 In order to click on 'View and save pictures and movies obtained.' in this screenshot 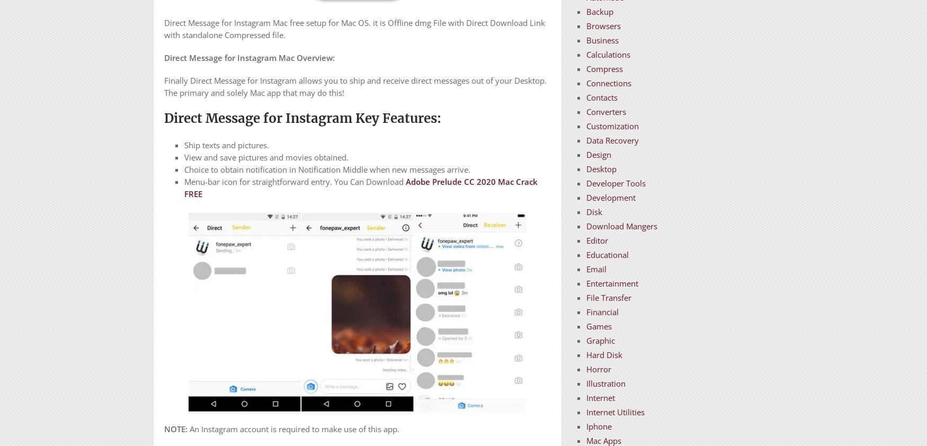, I will do `click(265, 157)`.